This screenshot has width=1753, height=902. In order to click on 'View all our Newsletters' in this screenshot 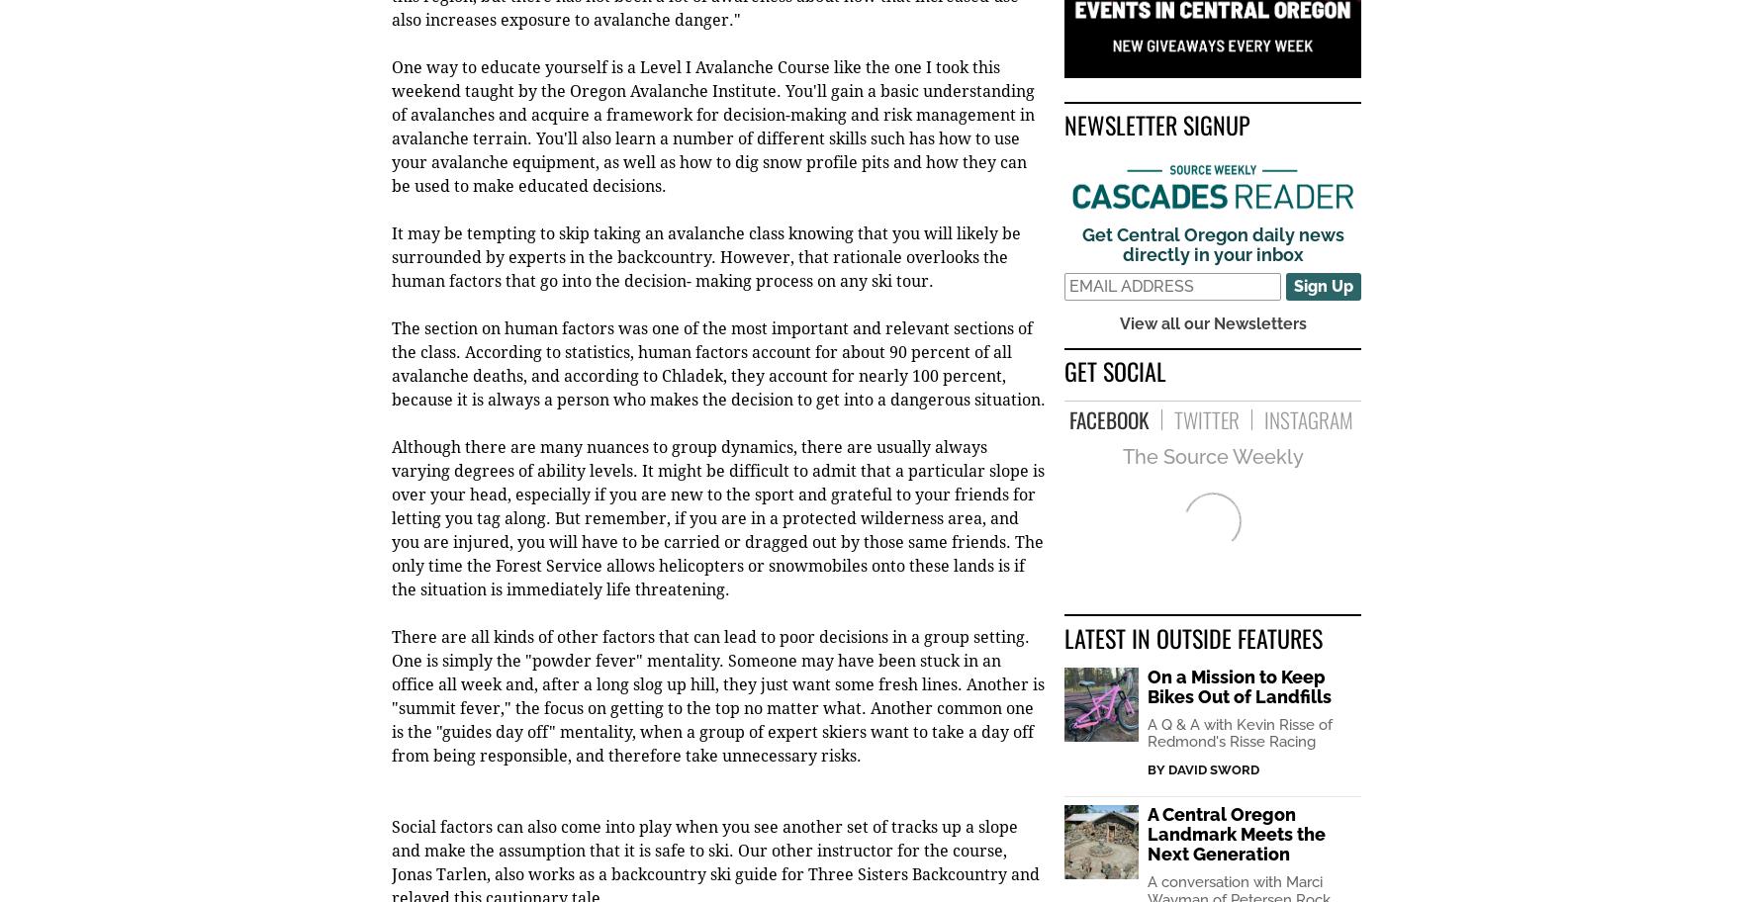, I will do `click(1212, 324)`.